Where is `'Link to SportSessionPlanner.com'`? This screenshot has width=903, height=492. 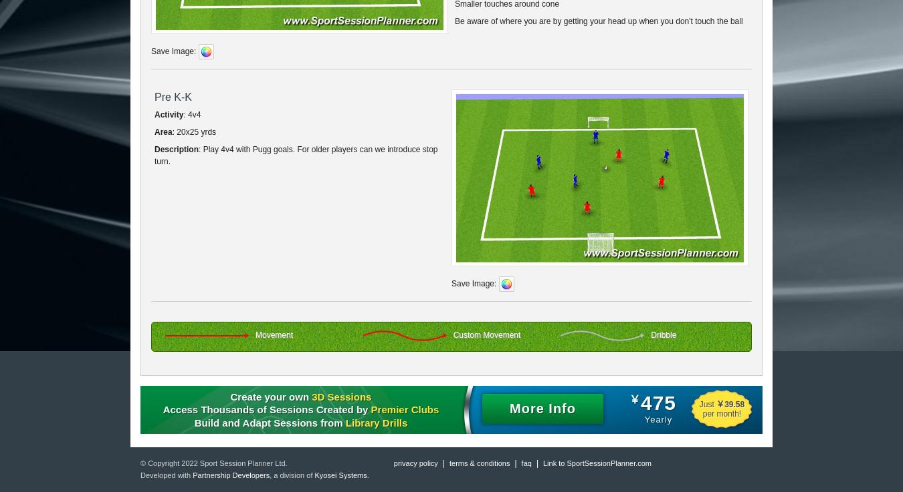
'Link to SportSessionPlanner.com' is located at coordinates (597, 463).